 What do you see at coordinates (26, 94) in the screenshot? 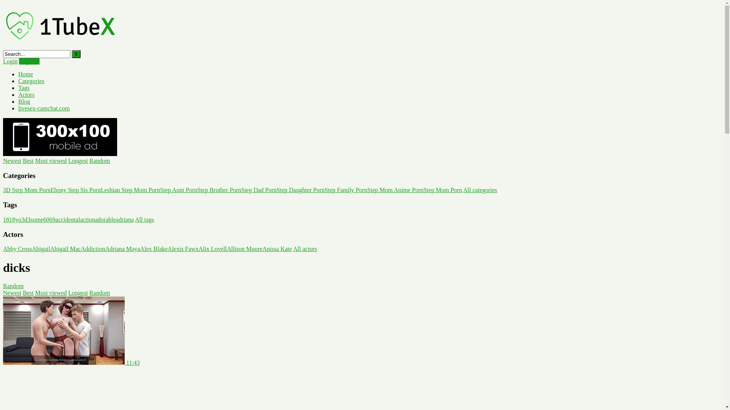
I see `'Actors'` at bounding box center [26, 94].